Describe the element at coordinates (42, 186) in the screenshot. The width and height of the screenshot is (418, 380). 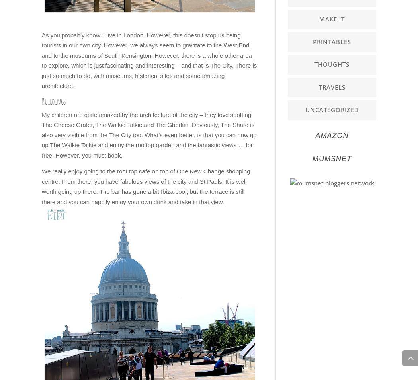
I see `'We really enjoy going to the roof top cafe on top of One New Change shopping centre. From there, you have fabulous views of the city and St Pauls. It is well worth going up there. The bar has gone a bit Ibiza-cool, but the terrace is still there and you can happily enjoy your own drink and take in that view.'` at that location.